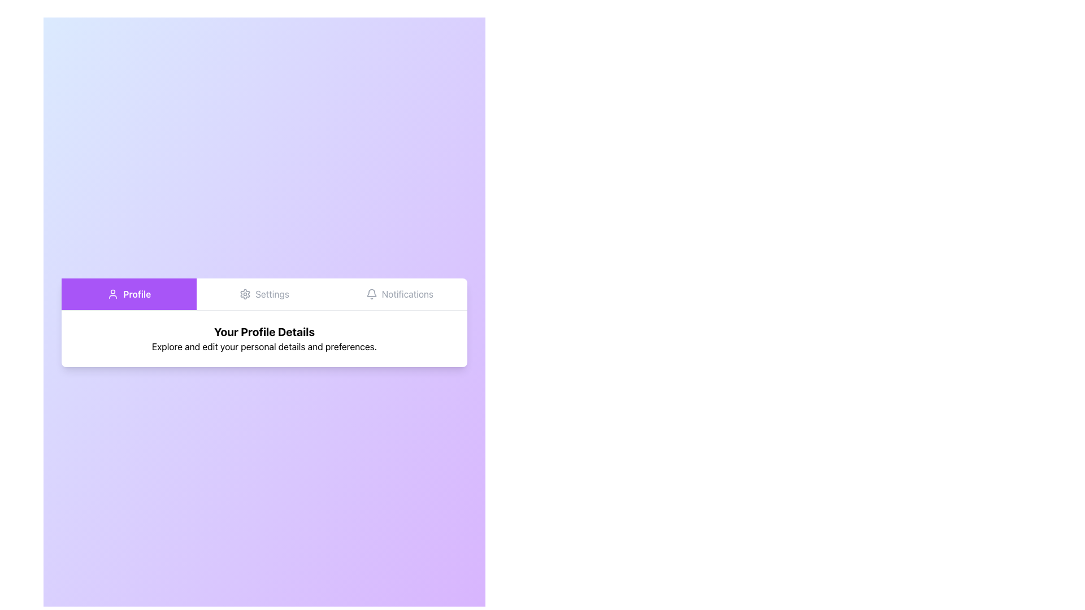 The image size is (1085, 610). Describe the element at coordinates (371, 293) in the screenshot. I see `the notifications icon (SVG) located towards the top right of the 'Notifications' text in the navigation bar` at that location.